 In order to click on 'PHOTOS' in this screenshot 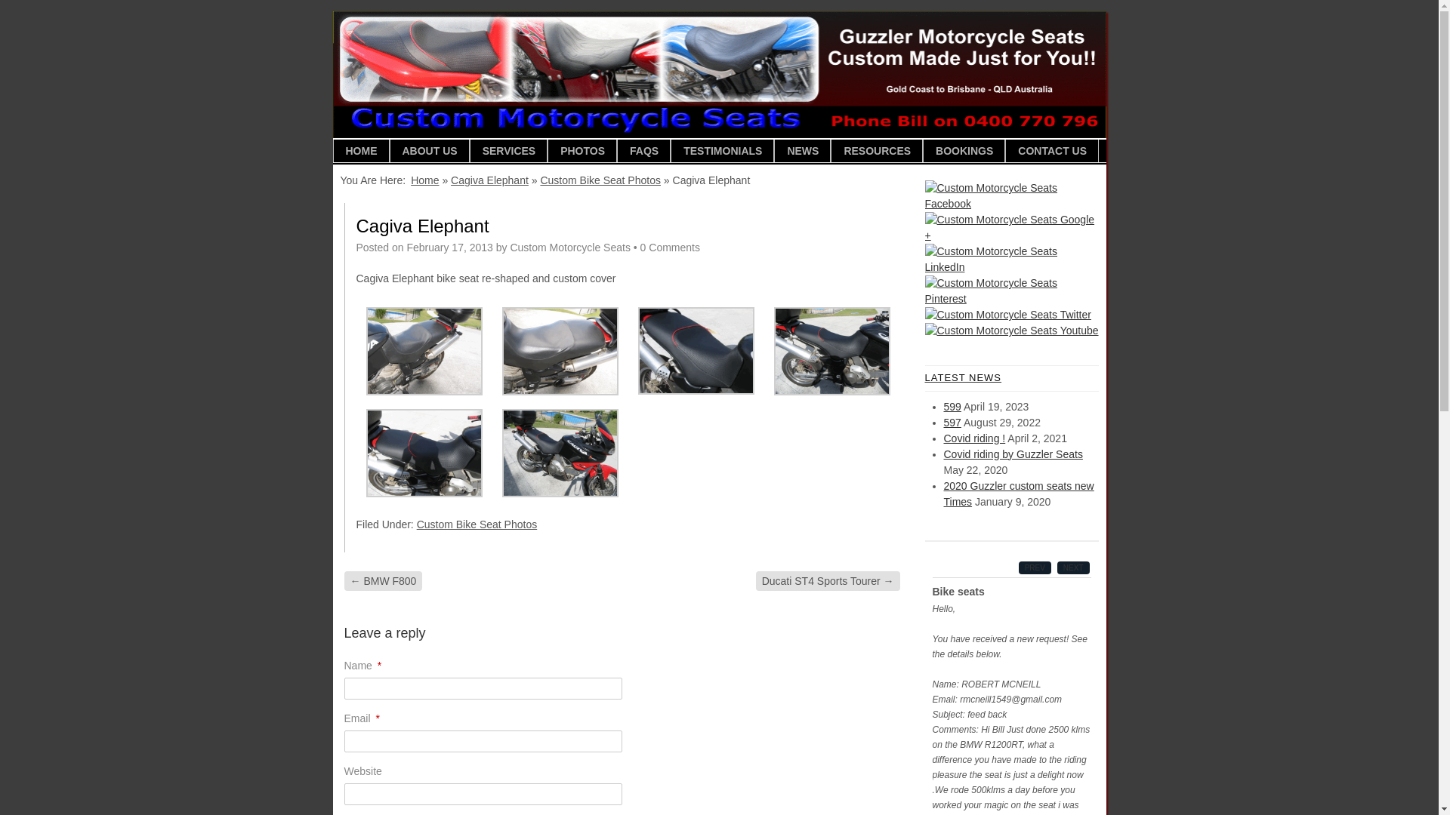, I will do `click(582, 151)`.